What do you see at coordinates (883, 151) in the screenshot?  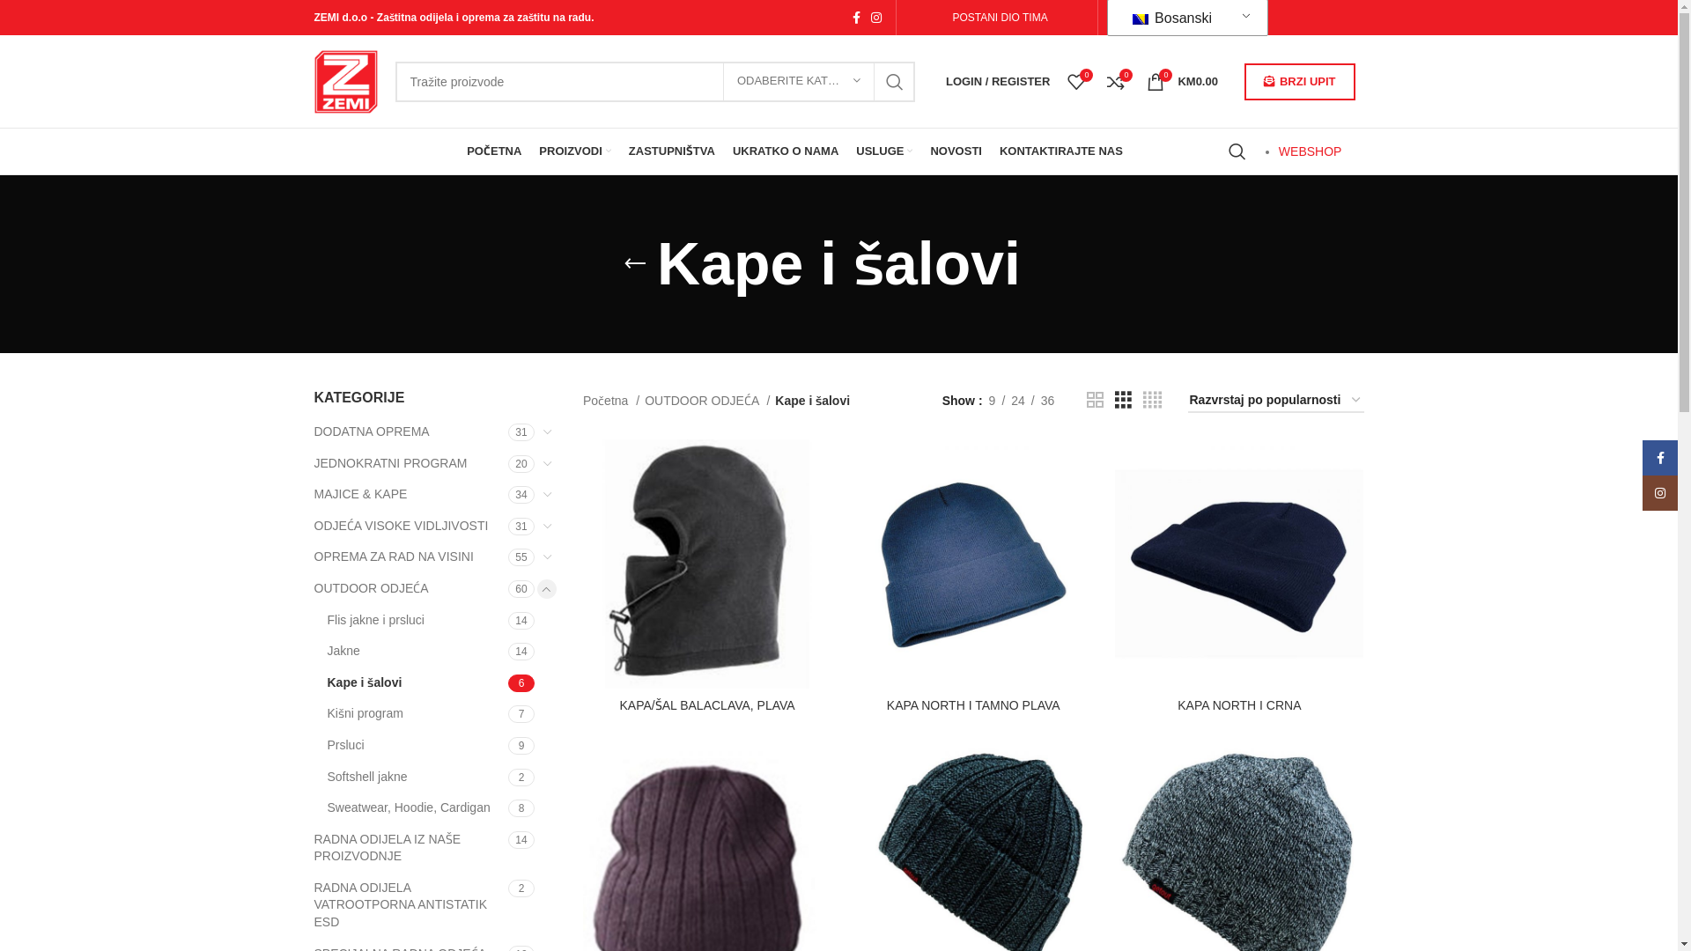 I see `'USLUGE'` at bounding box center [883, 151].